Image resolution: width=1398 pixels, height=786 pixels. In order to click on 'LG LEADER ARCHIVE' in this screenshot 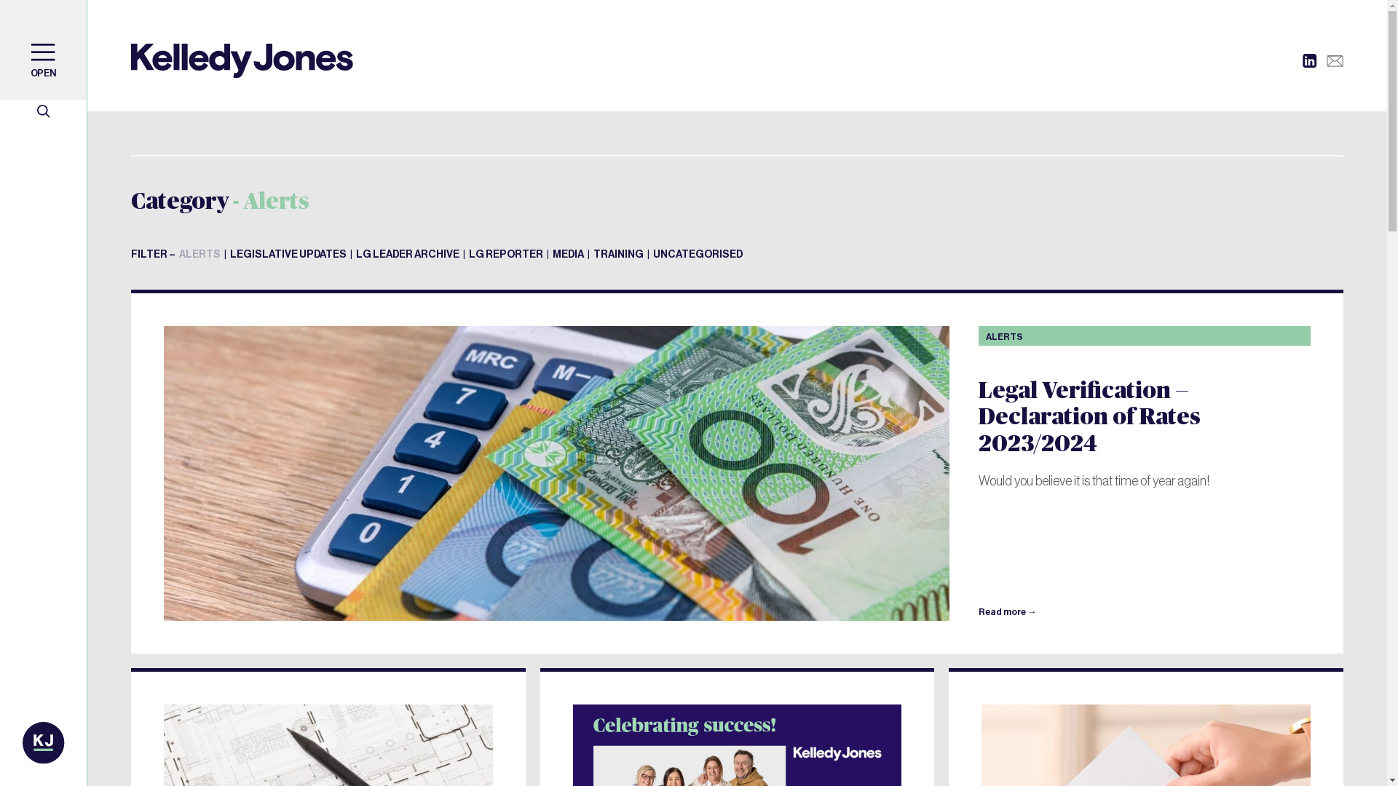, I will do `click(408, 253)`.